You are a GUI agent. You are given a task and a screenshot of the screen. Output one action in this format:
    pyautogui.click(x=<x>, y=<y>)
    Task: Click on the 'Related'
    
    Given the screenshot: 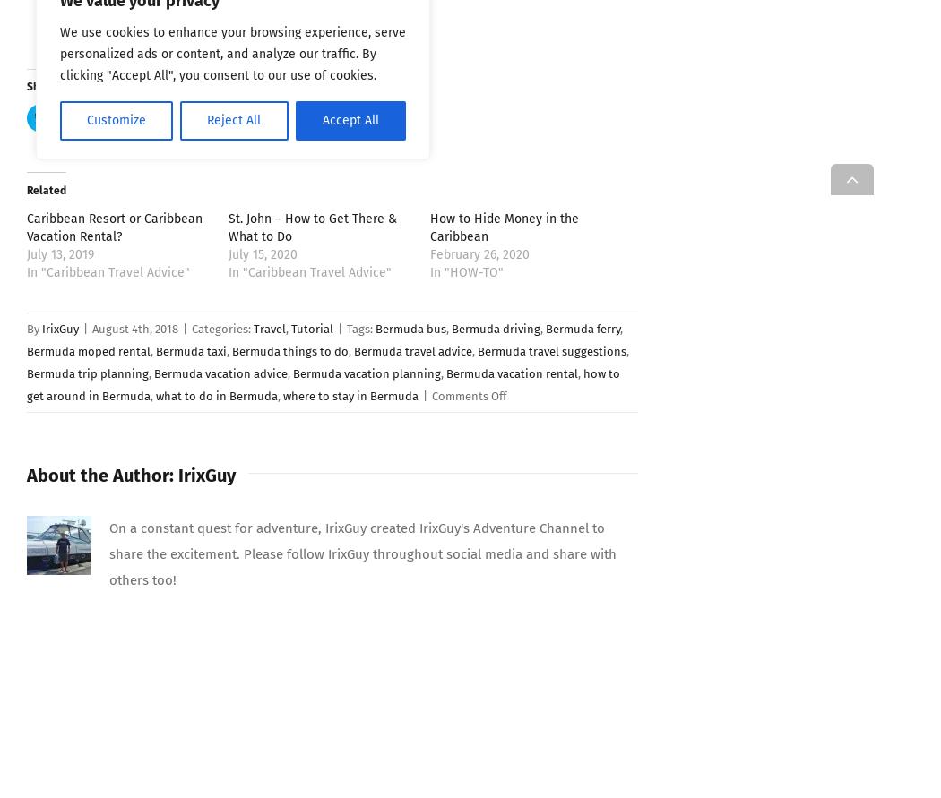 What is the action you would take?
    pyautogui.click(x=45, y=191)
    